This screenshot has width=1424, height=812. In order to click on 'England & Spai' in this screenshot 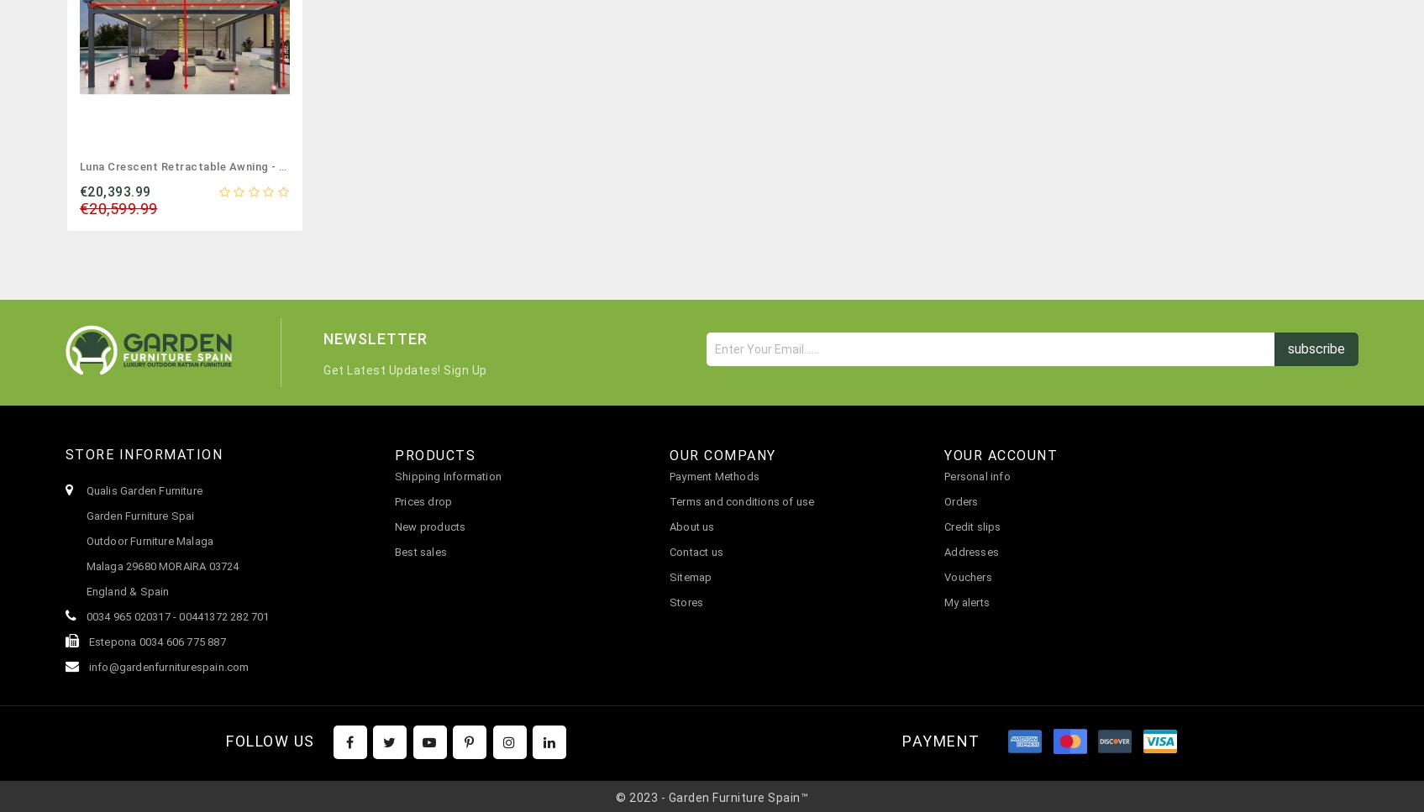, I will do `click(123, 591)`.